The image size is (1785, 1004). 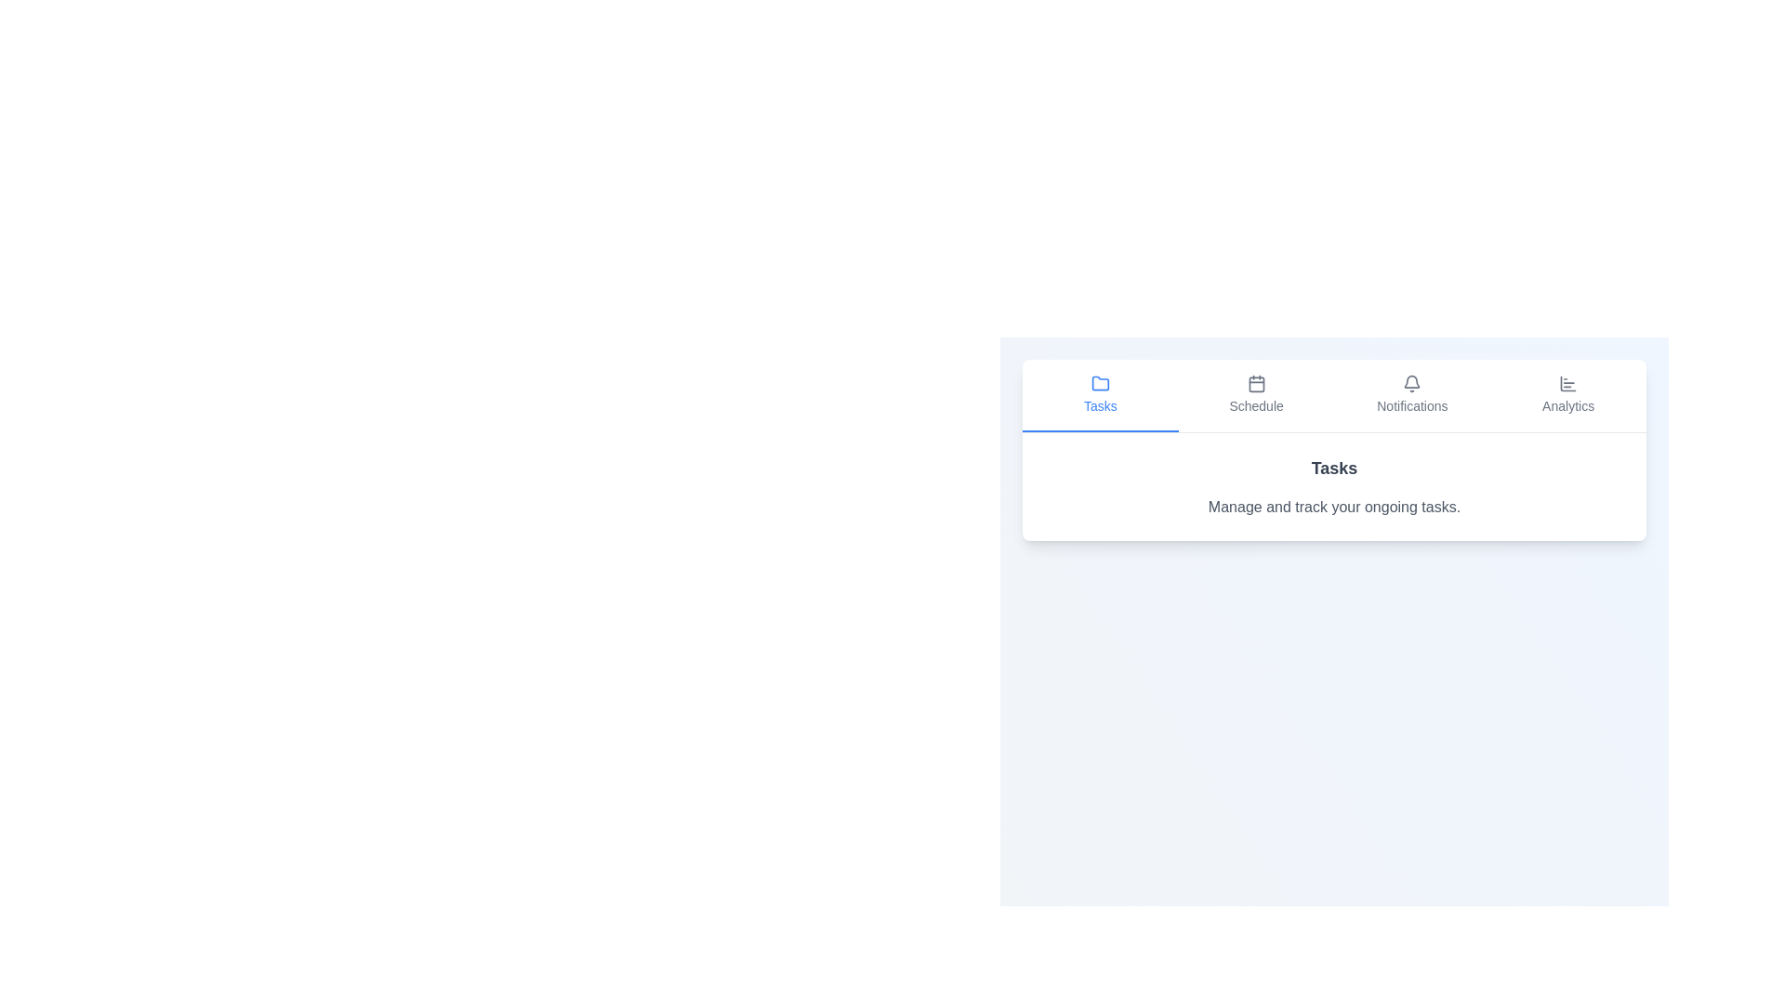 I want to click on the Schedule tab by clicking on its button, so click(x=1256, y=394).